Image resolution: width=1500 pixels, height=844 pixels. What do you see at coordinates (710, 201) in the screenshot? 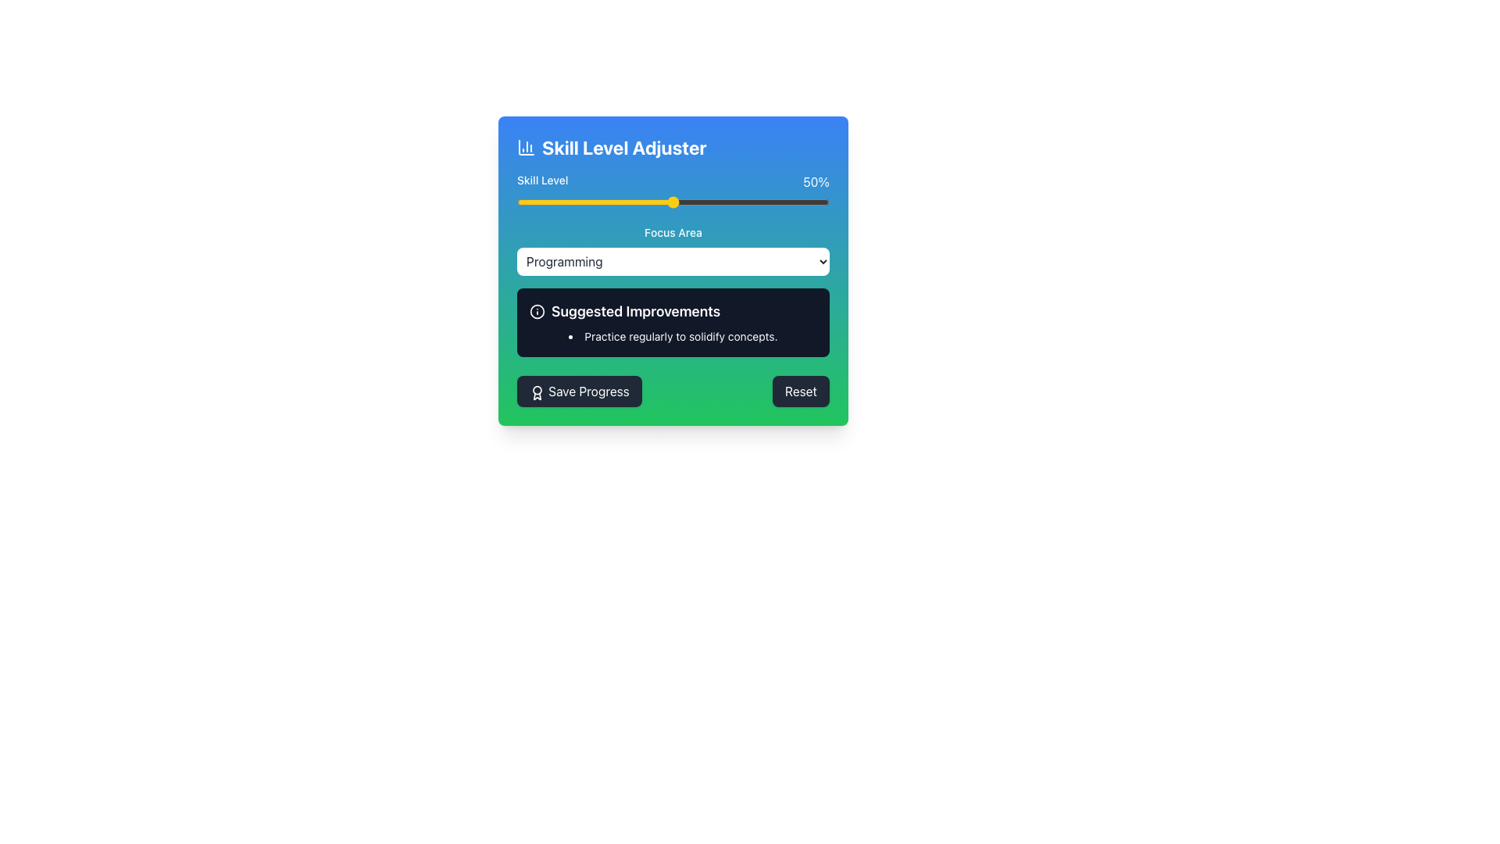
I see `the slider` at bounding box center [710, 201].